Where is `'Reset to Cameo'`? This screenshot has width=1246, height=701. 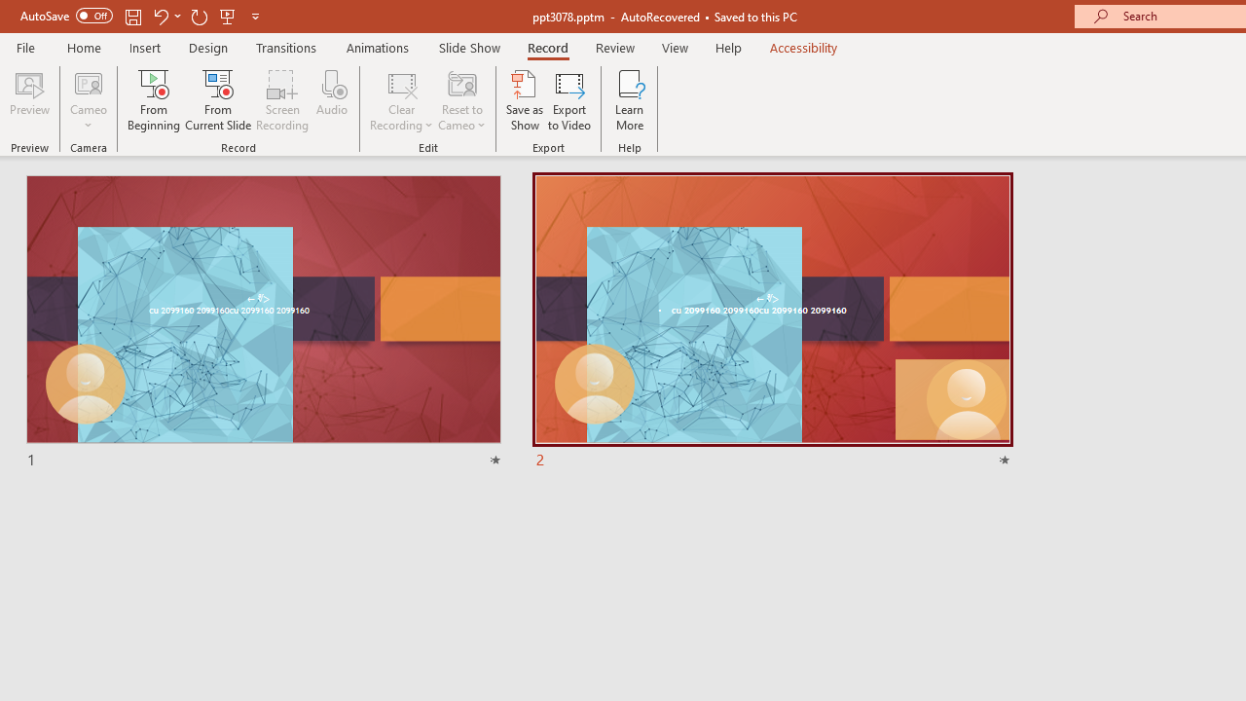
'Reset to Cameo' is located at coordinates (460, 100).